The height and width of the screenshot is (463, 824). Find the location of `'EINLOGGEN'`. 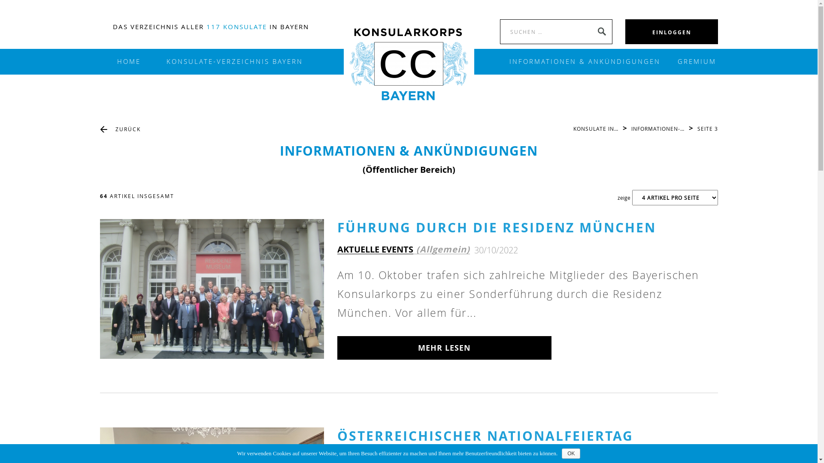

'EINLOGGEN' is located at coordinates (652, 32).